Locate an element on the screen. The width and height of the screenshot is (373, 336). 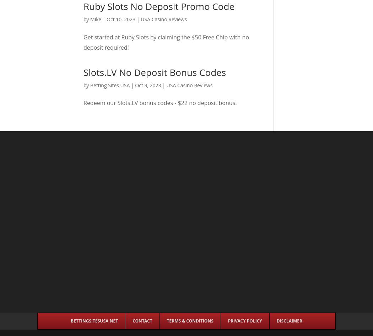
'Disclaimer' is located at coordinates (288, 320).